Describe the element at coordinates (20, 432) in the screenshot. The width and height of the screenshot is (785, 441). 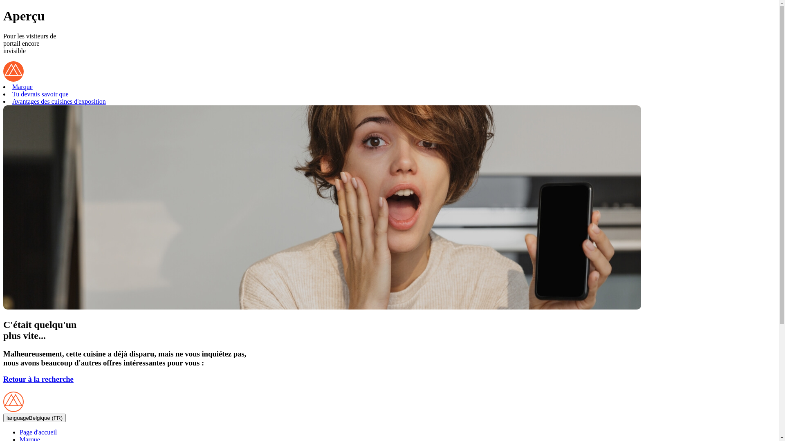
I see `'Page d'accueil'` at that location.